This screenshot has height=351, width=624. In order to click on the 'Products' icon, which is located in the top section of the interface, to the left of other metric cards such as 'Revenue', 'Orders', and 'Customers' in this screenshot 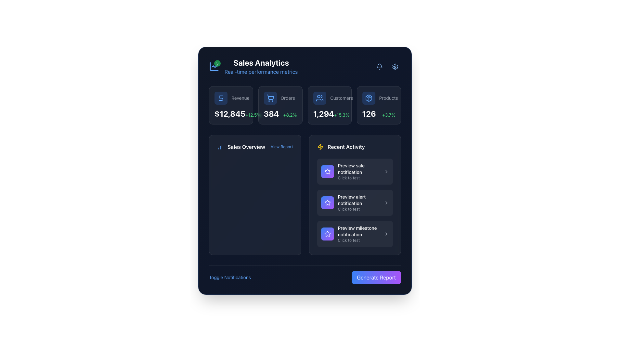, I will do `click(369, 98)`.